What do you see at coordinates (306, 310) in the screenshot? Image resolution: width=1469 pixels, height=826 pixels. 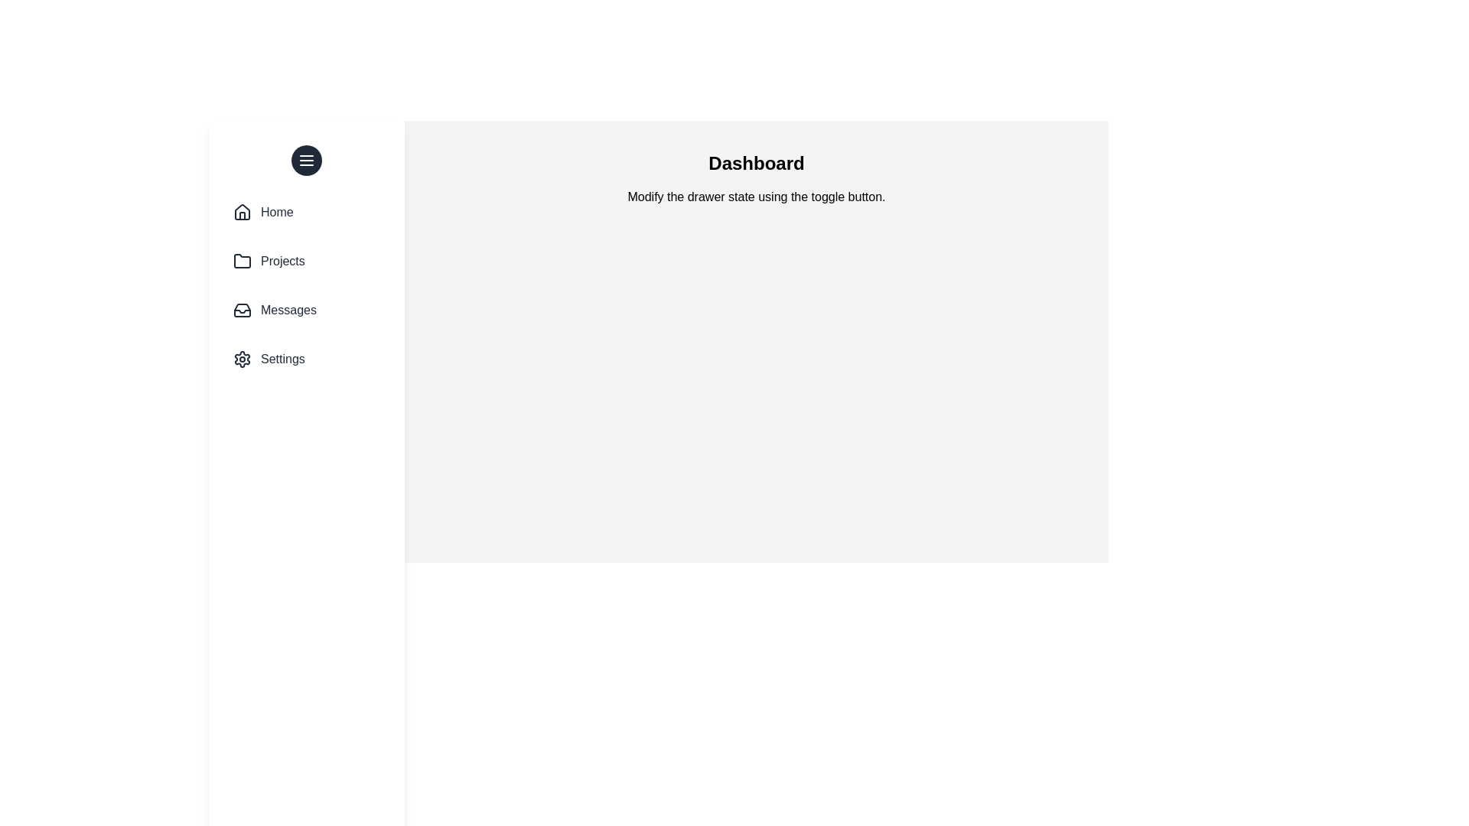 I see `the menu item labeled Messages to navigate to its respective section` at bounding box center [306, 310].